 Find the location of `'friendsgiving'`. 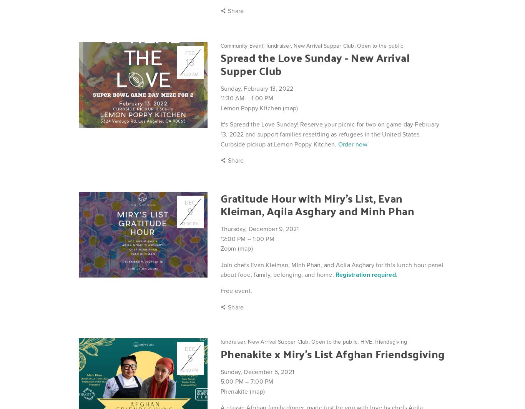

'friendsgiving' is located at coordinates (375, 342).